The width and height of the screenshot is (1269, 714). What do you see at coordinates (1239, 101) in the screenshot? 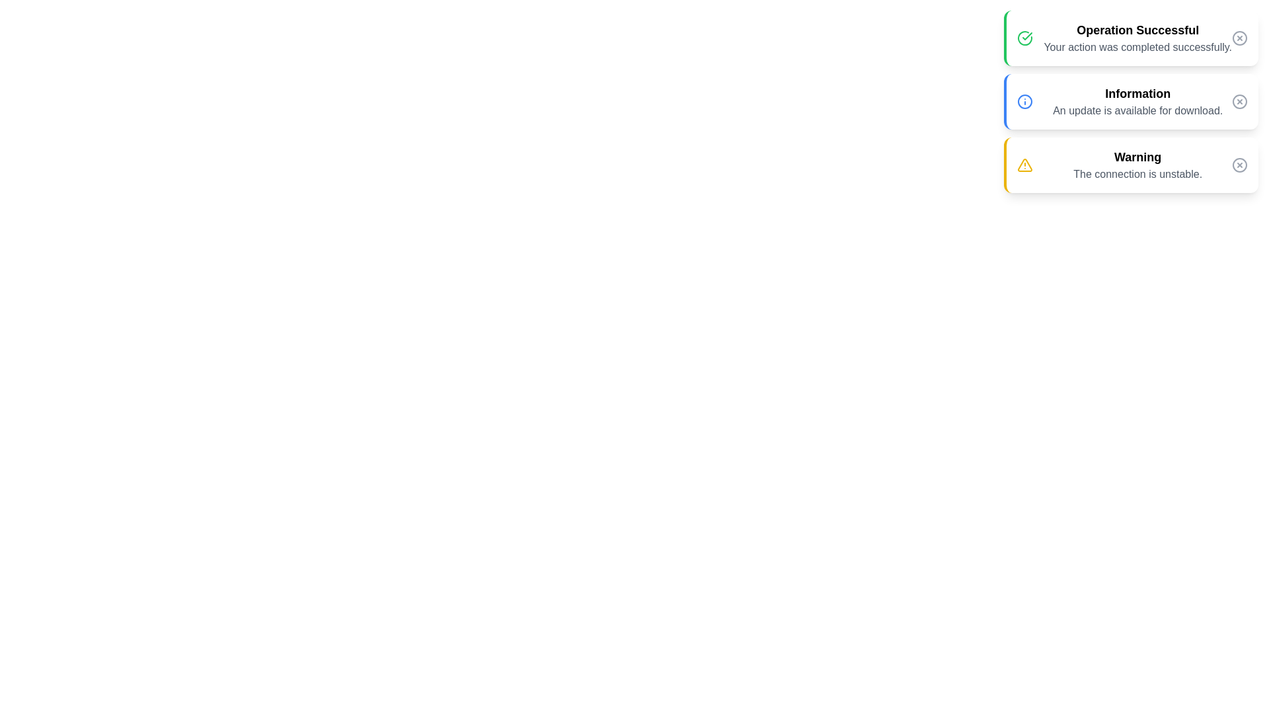
I see `dismiss button for the notification with title Information` at bounding box center [1239, 101].